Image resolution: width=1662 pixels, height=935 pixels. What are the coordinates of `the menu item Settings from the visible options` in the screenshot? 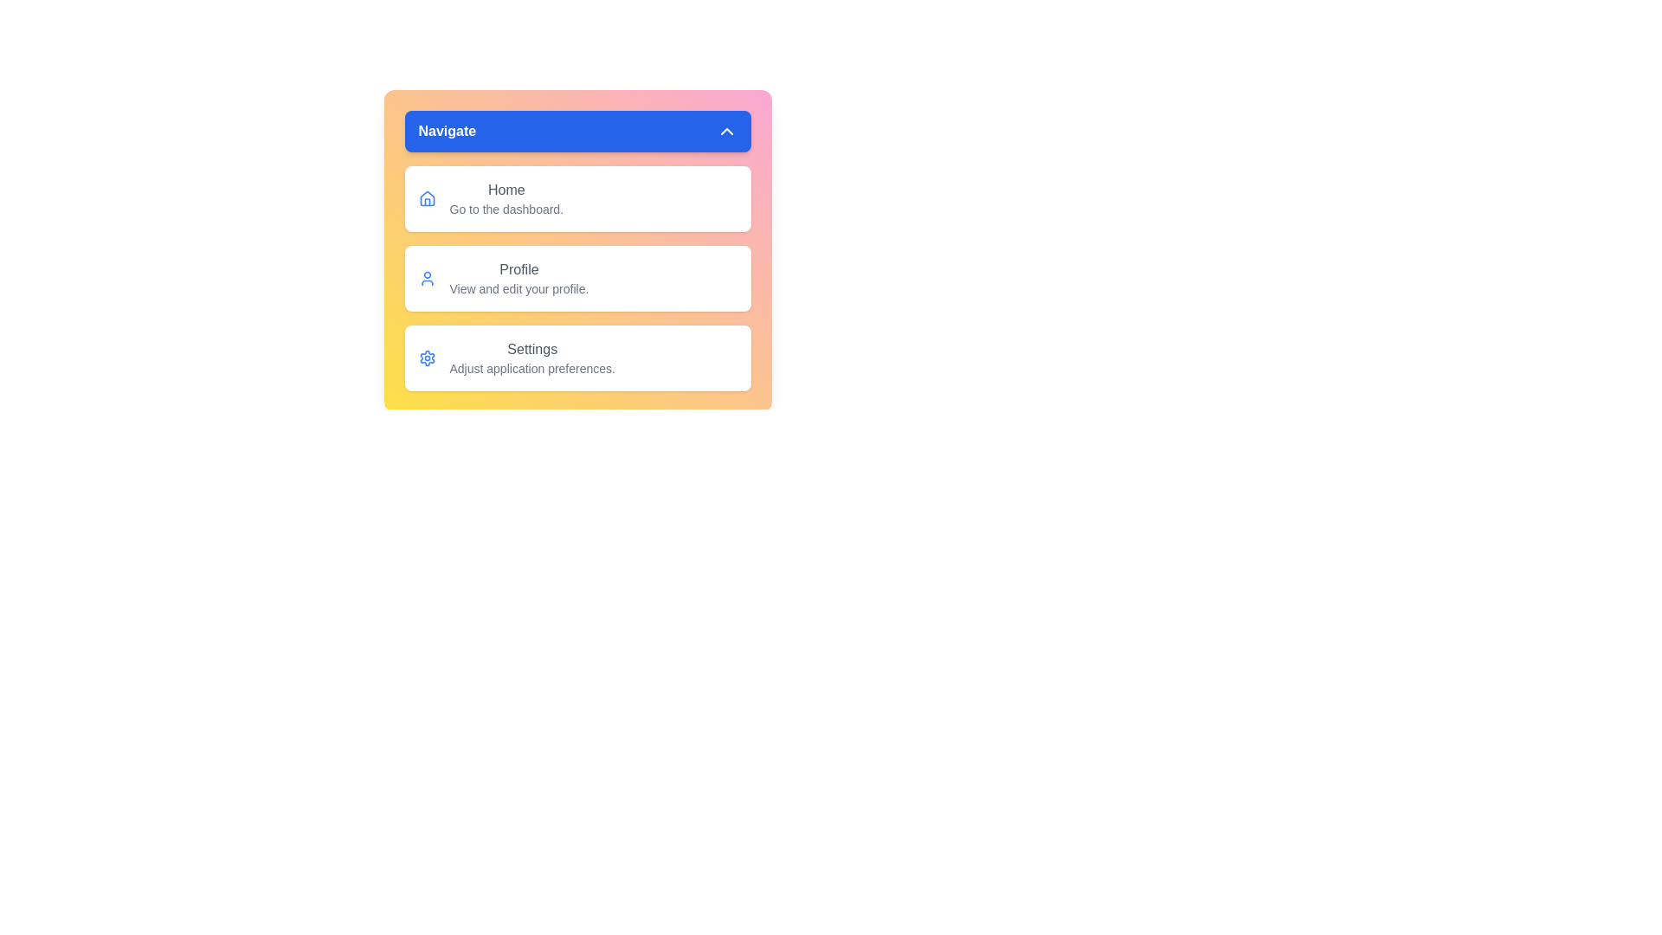 It's located at (577, 357).